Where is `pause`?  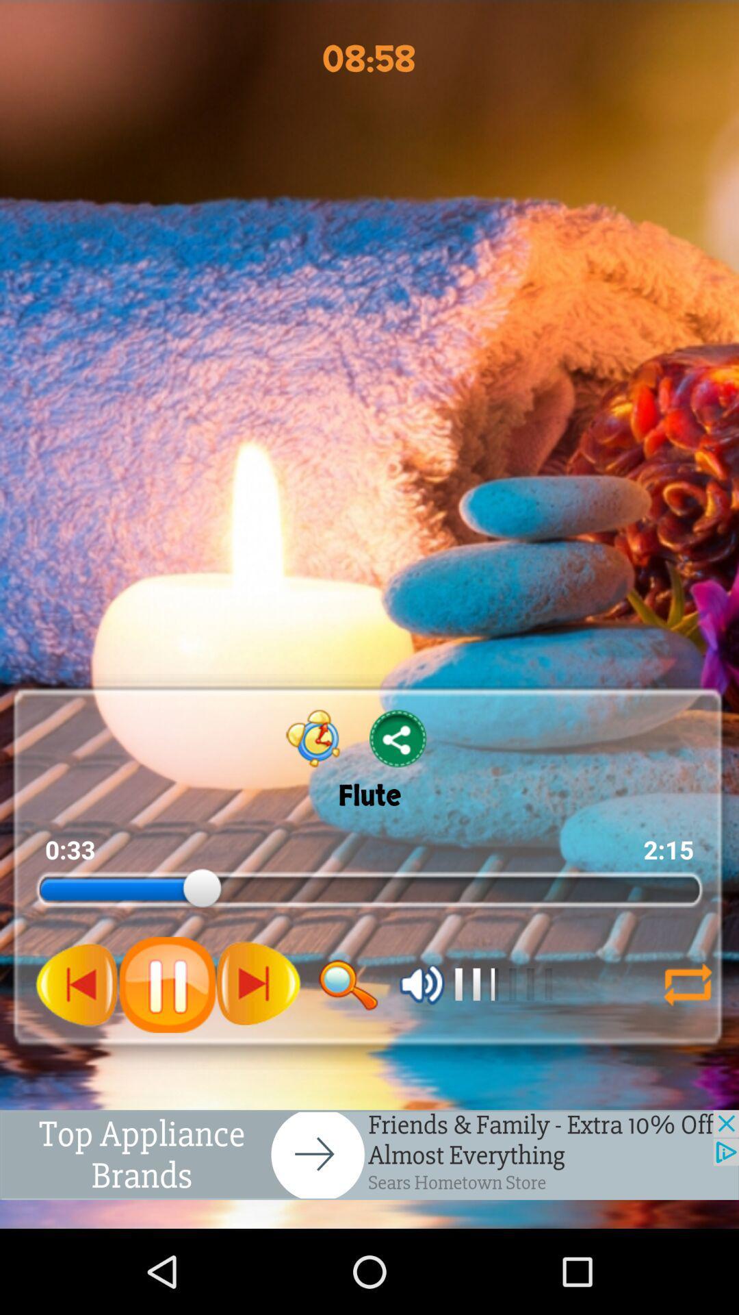
pause is located at coordinates (77, 984).